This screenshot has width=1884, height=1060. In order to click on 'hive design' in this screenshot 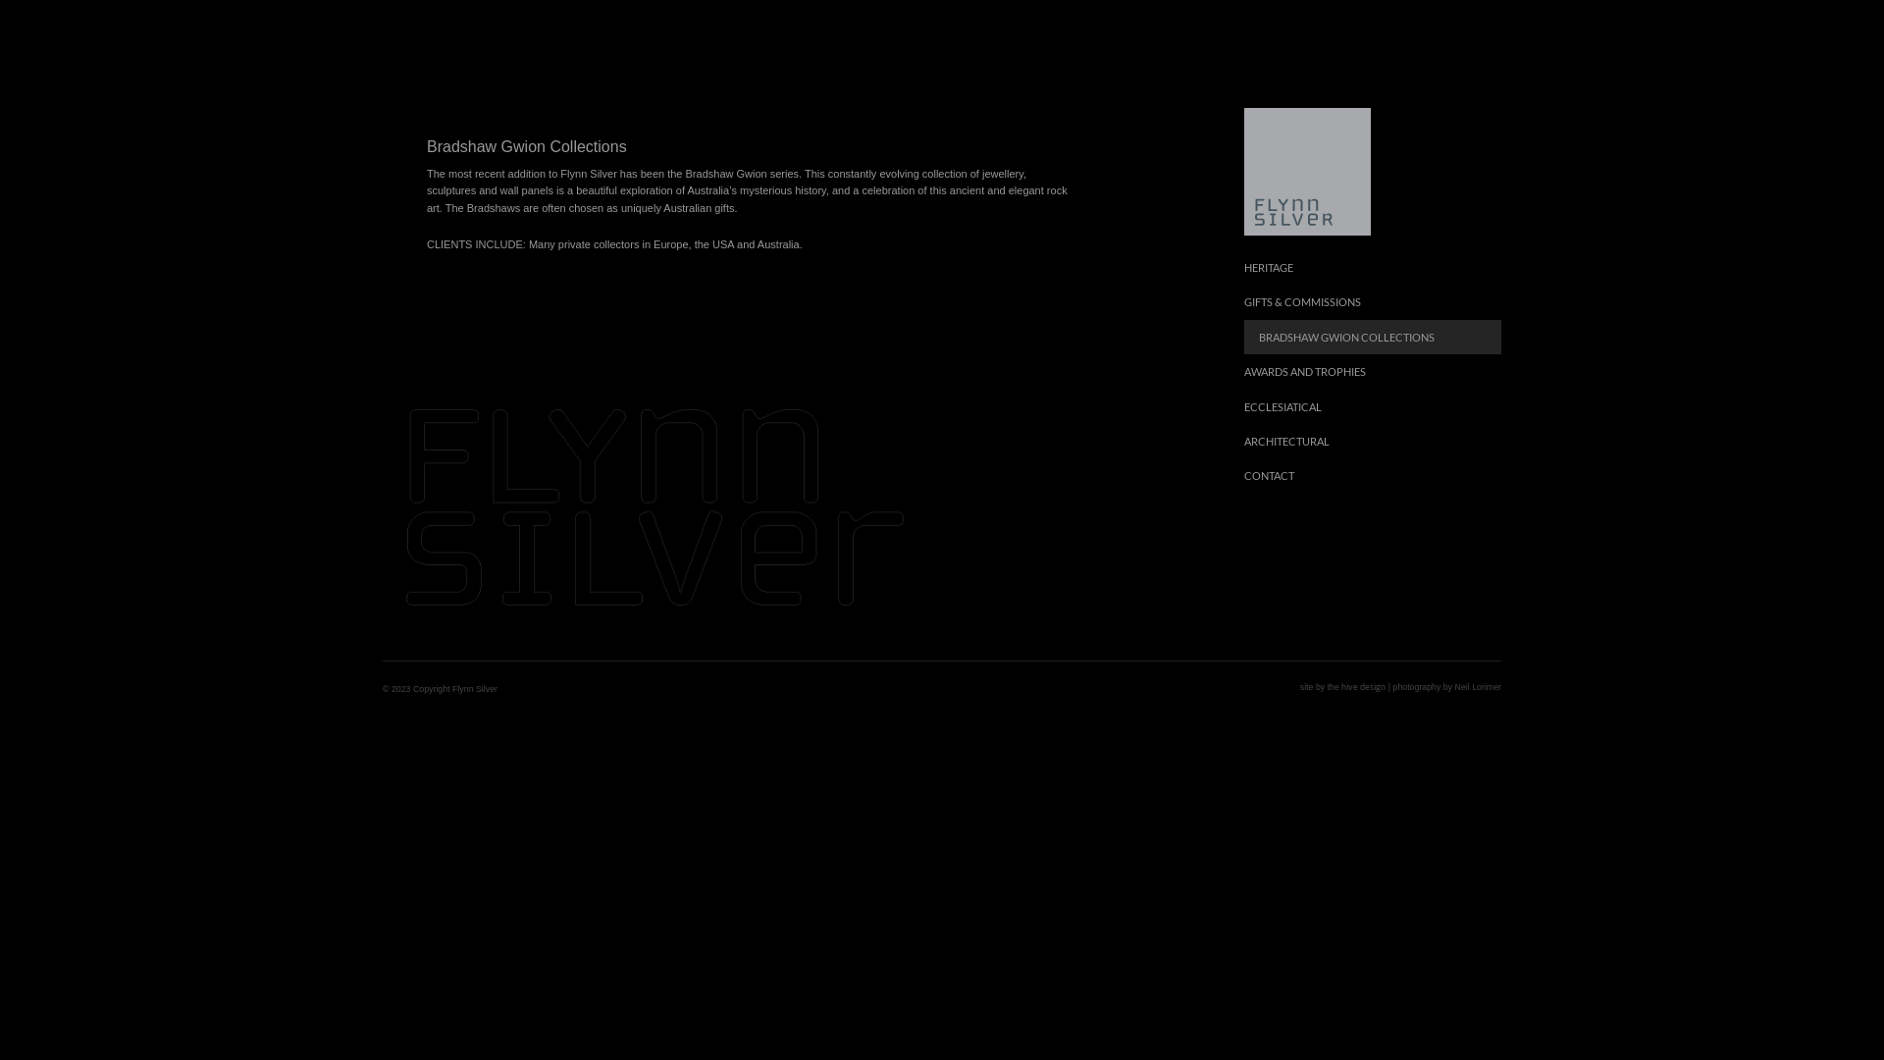, I will do `click(1362, 685)`.